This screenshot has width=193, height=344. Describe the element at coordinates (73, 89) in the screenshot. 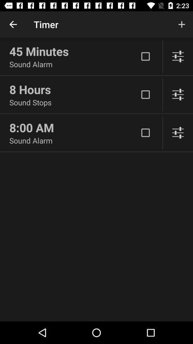

I see `the 8 hours` at that location.